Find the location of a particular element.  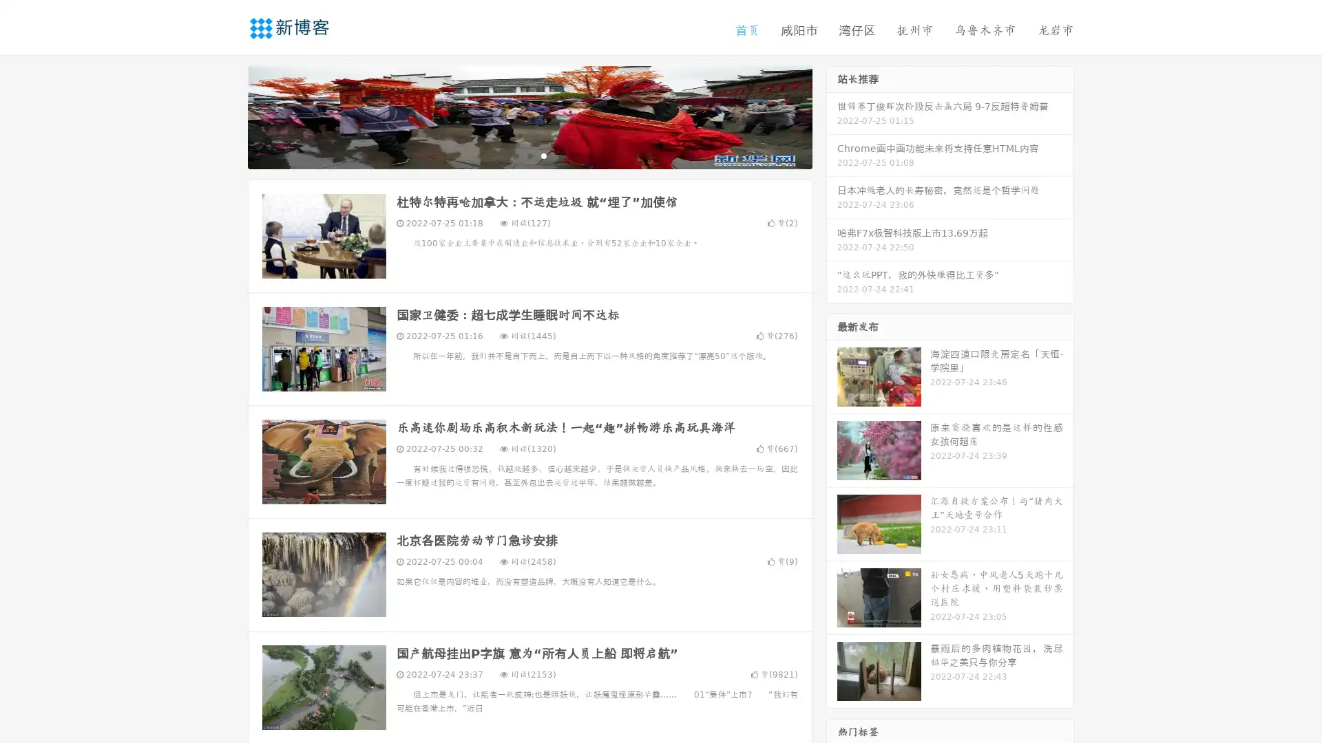

Next slide is located at coordinates (832, 116).